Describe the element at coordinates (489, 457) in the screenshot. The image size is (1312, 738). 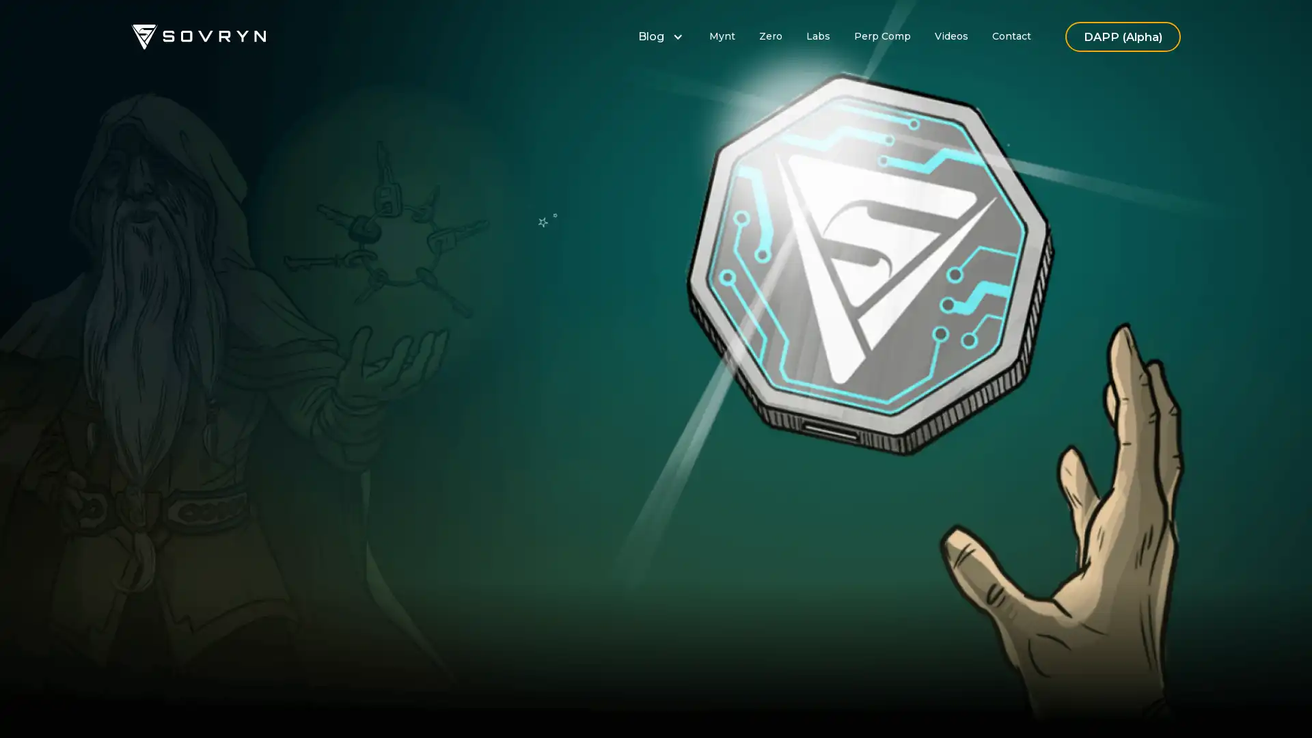
I see `Sign me up!` at that location.